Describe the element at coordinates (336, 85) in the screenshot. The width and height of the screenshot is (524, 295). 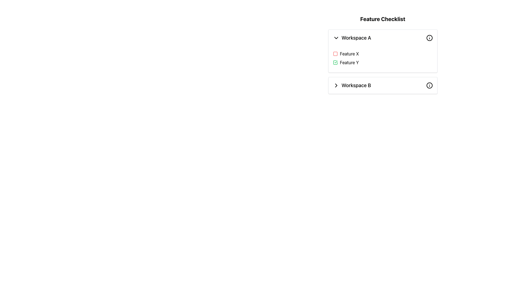
I see `the right-facing chevron icon located at the far right of the Workspace B entry within the Feature Checklist area` at that location.